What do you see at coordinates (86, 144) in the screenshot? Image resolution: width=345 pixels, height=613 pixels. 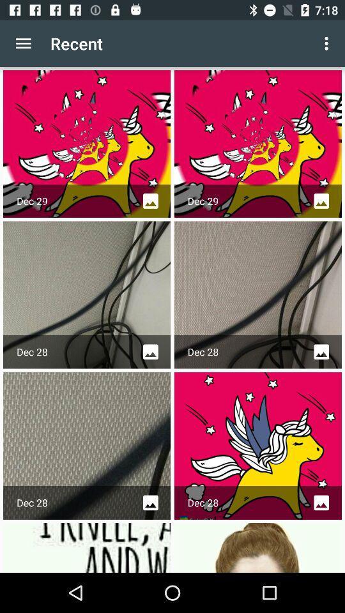 I see `the first image` at bounding box center [86, 144].